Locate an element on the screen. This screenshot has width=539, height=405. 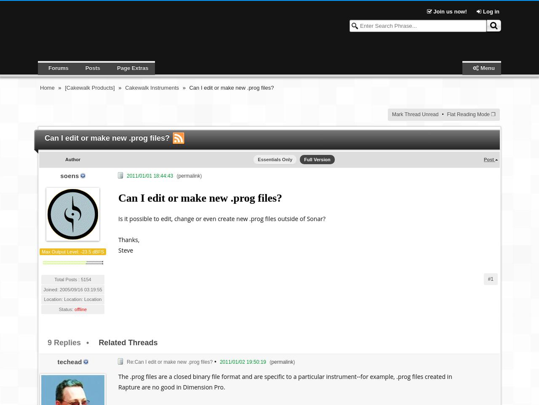
'Mark Thread Unread' is located at coordinates (415, 114).